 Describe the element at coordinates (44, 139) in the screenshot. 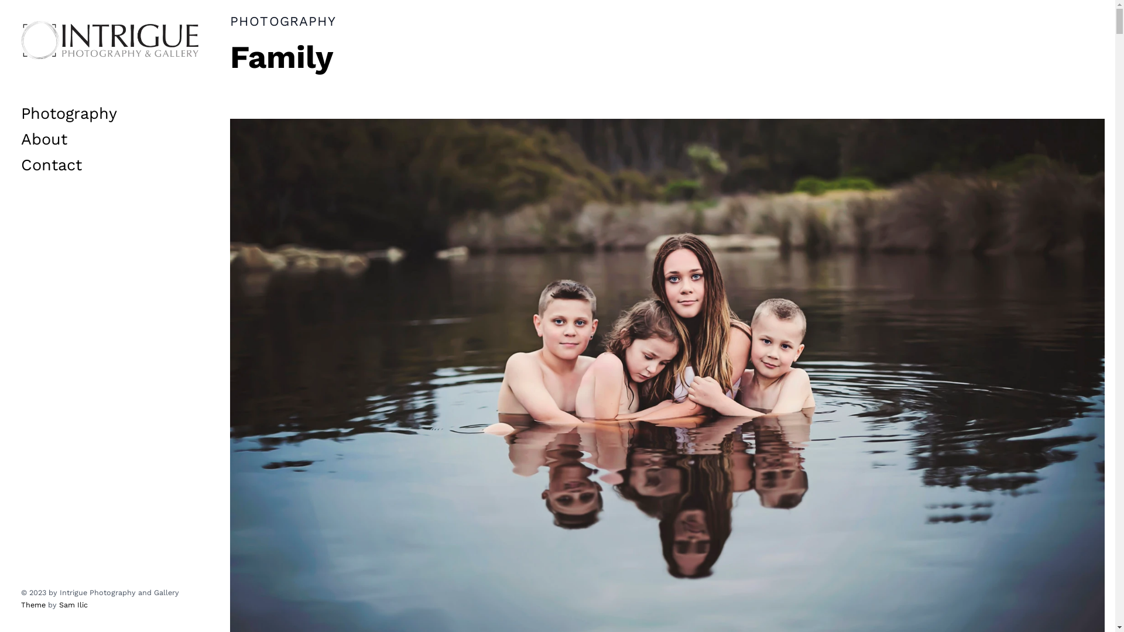

I see `'About'` at that location.